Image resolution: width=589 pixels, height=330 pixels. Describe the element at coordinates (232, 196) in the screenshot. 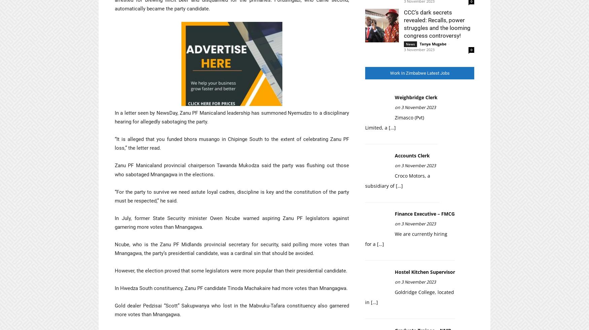

I see `'“For the party to survive we need astute loyal cadres, discipline is key and the constitution of the party must be respected,” he said.'` at that location.